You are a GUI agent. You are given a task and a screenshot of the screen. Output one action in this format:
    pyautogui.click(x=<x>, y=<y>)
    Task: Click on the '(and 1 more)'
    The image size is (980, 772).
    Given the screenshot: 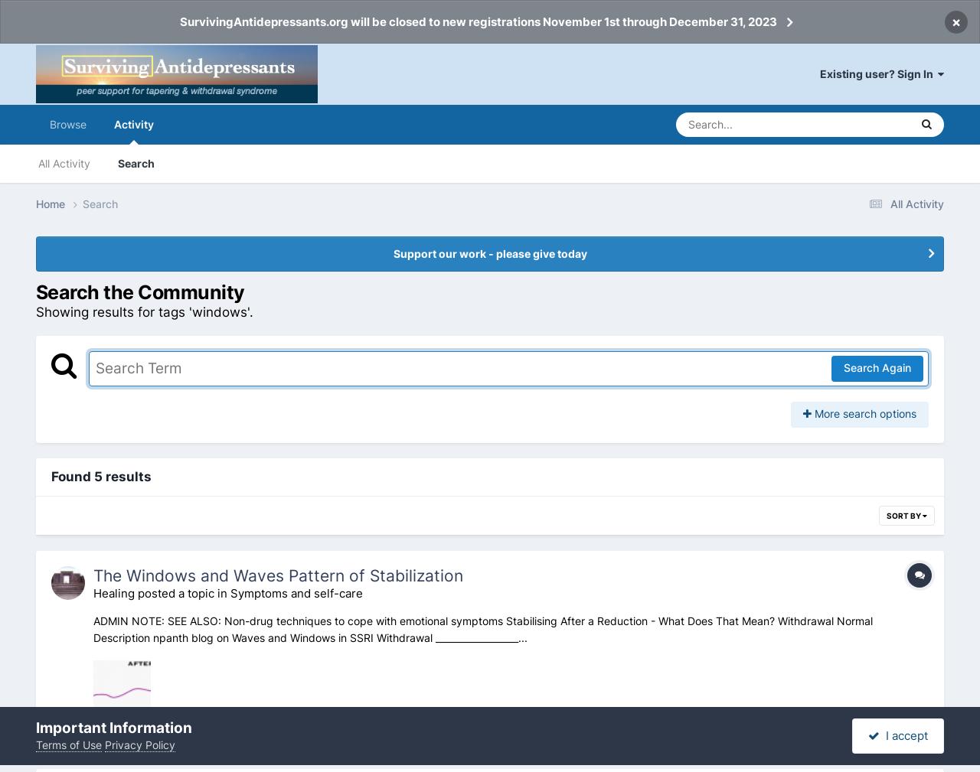 What is the action you would take?
    pyautogui.click(x=449, y=736)
    